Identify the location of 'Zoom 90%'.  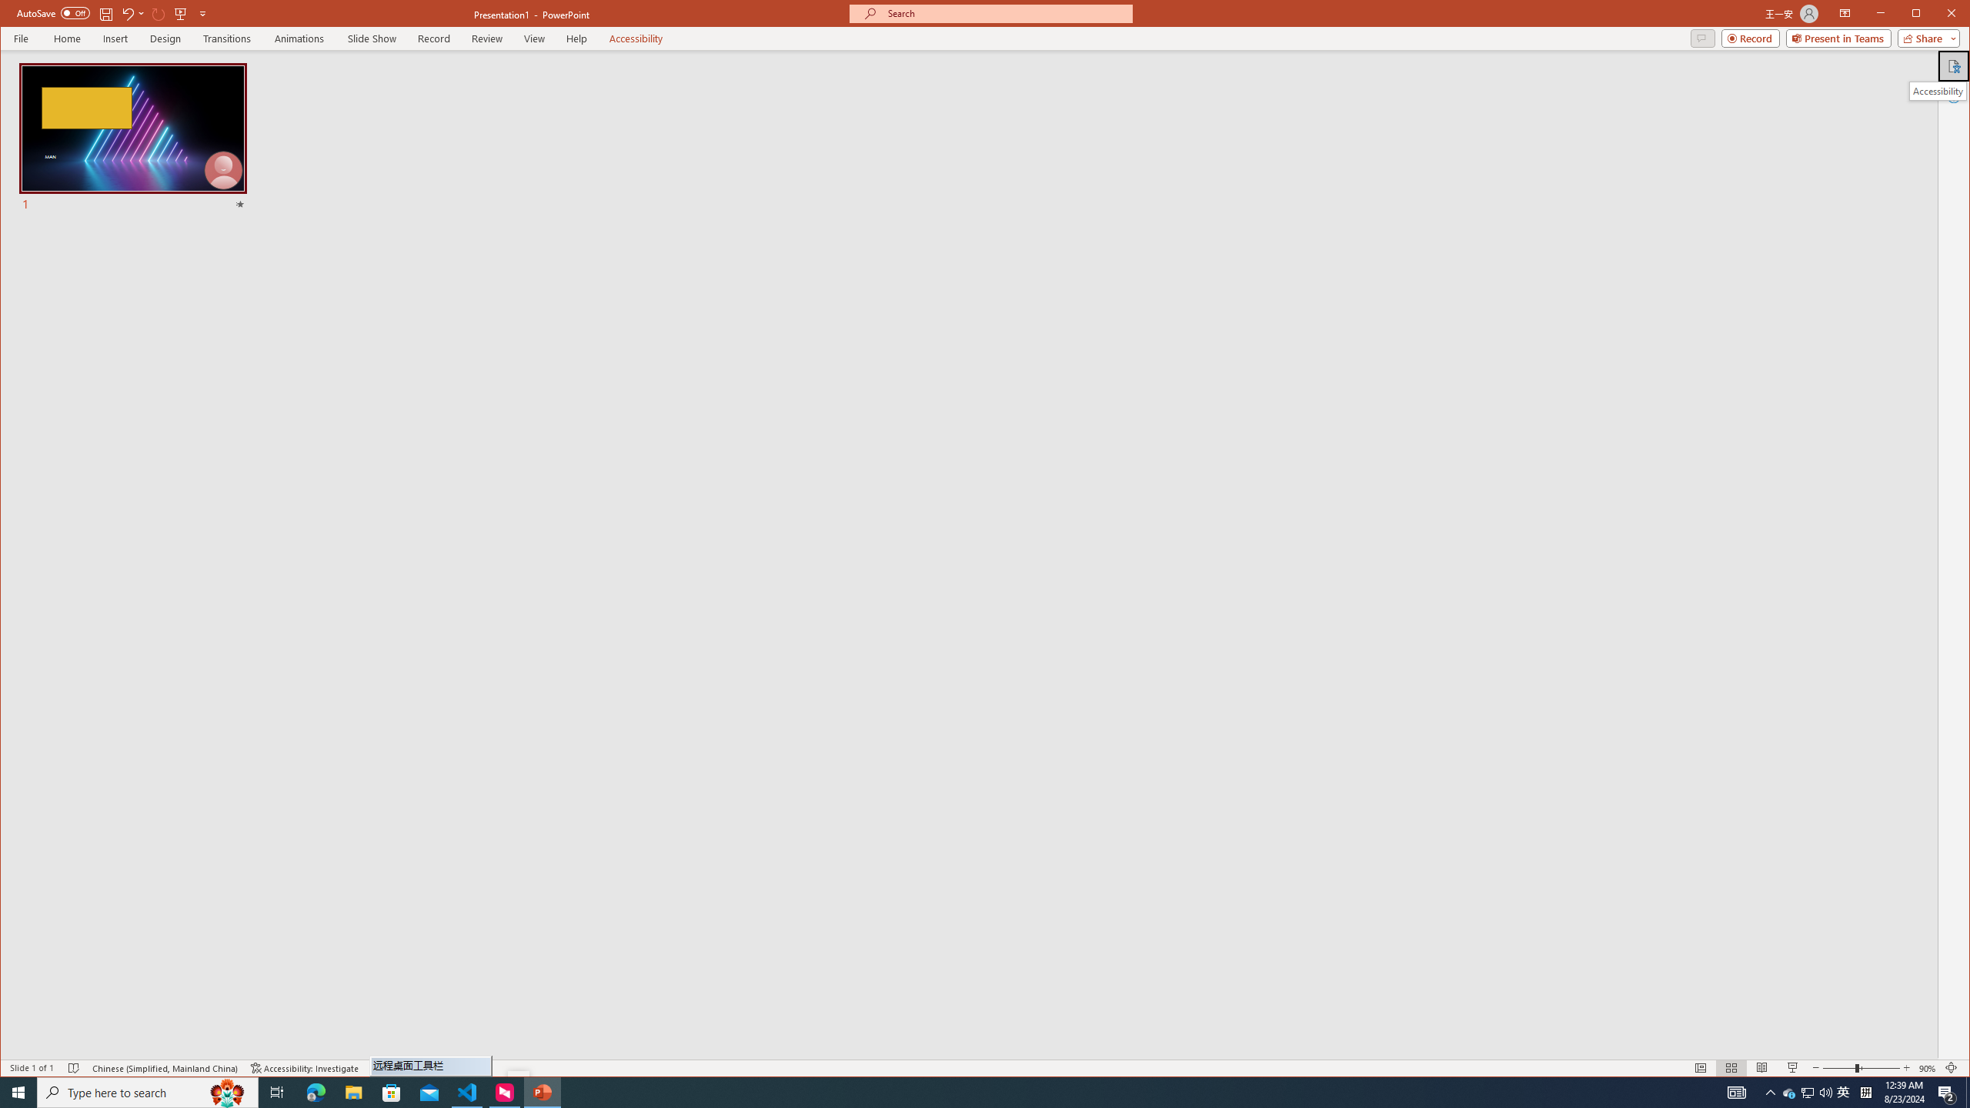
(1926, 1067).